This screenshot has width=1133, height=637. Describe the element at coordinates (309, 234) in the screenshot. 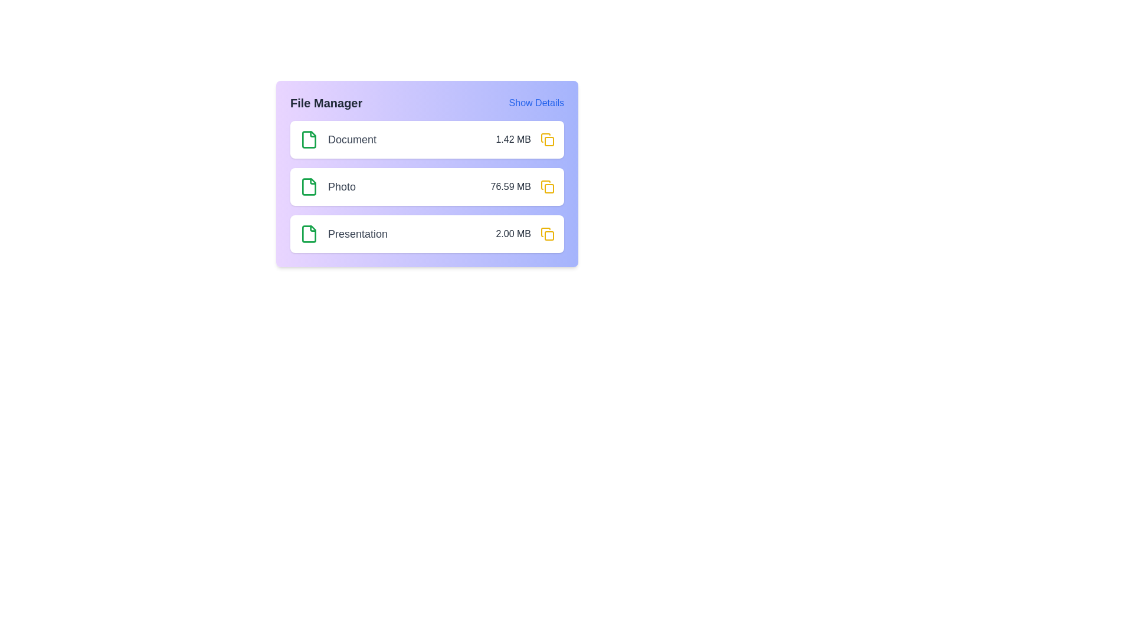

I see `the 'Presentation' file icon` at that location.